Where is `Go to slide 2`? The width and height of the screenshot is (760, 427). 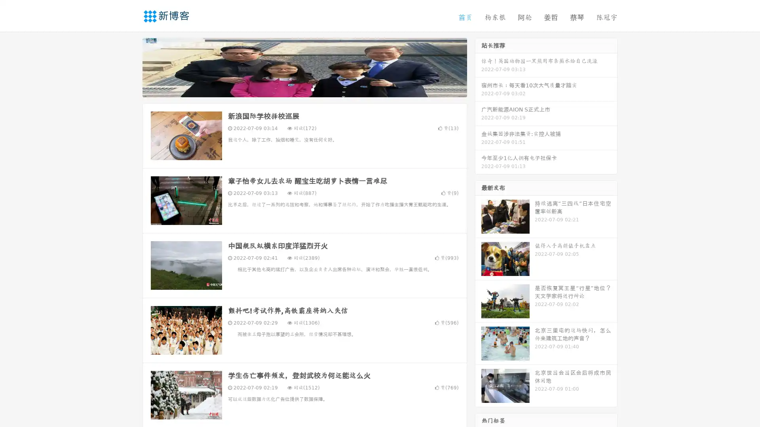
Go to slide 2 is located at coordinates (304, 89).